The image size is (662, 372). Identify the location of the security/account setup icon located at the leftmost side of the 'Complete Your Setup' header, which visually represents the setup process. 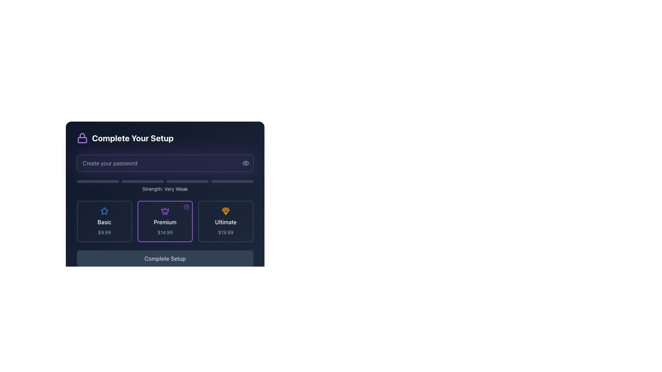
(82, 138).